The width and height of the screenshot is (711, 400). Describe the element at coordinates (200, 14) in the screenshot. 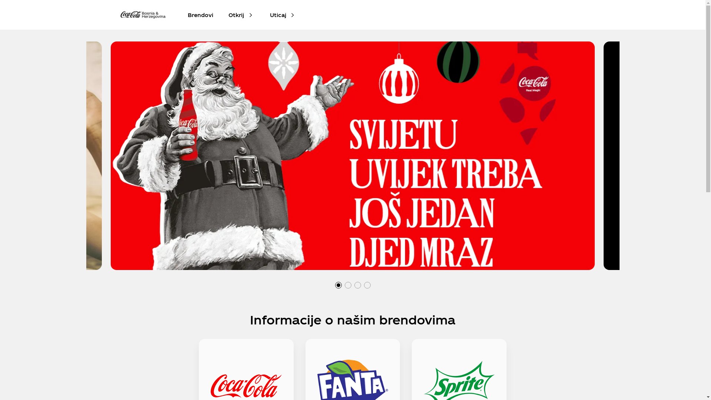

I see `'Brendovi'` at that location.